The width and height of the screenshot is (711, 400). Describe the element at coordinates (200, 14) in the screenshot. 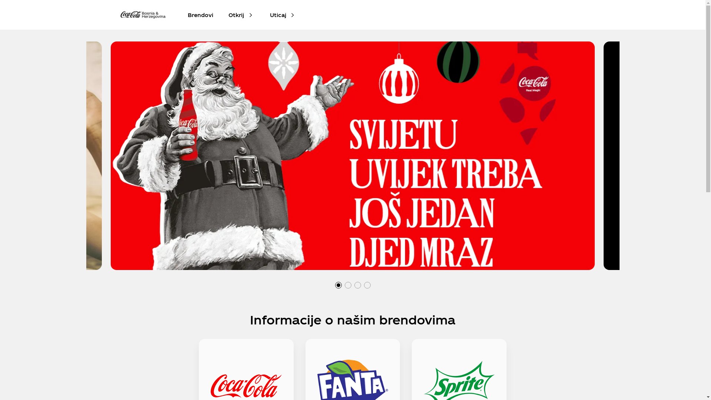

I see `'Brendovi'` at that location.